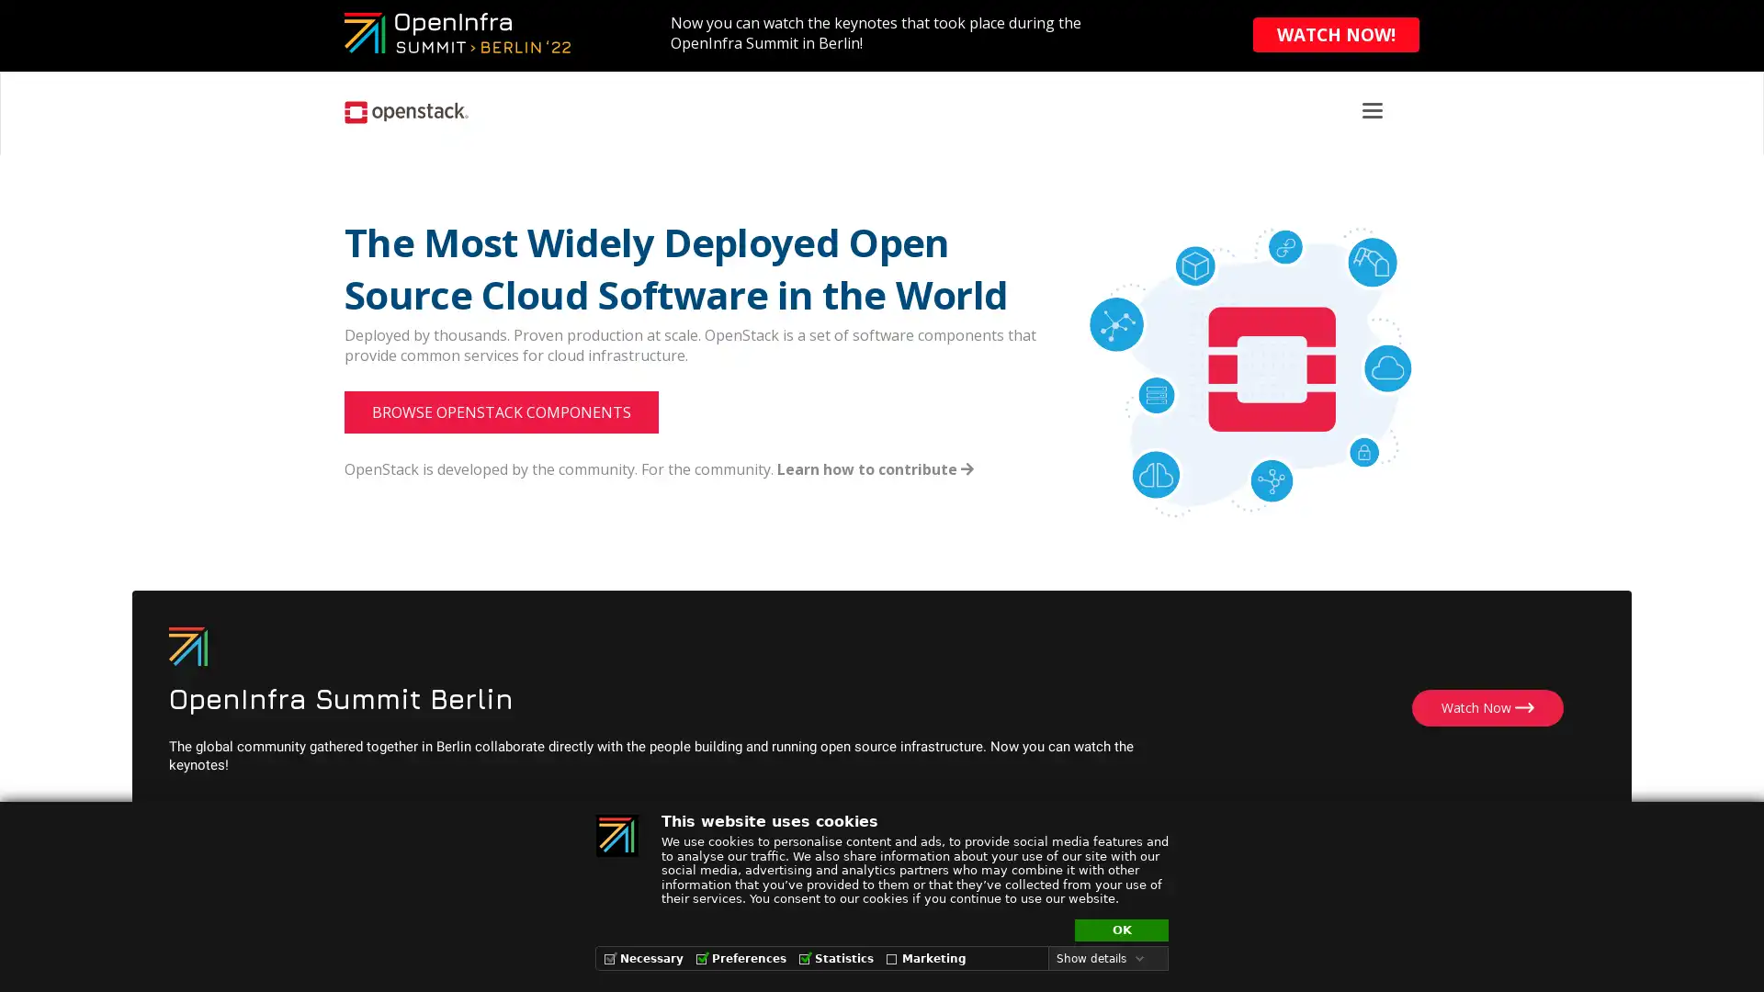 This screenshot has width=1764, height=992. Describe the element at coordinates (1372, 110) in the screenshot. I see `Toggle navigation` at that location.